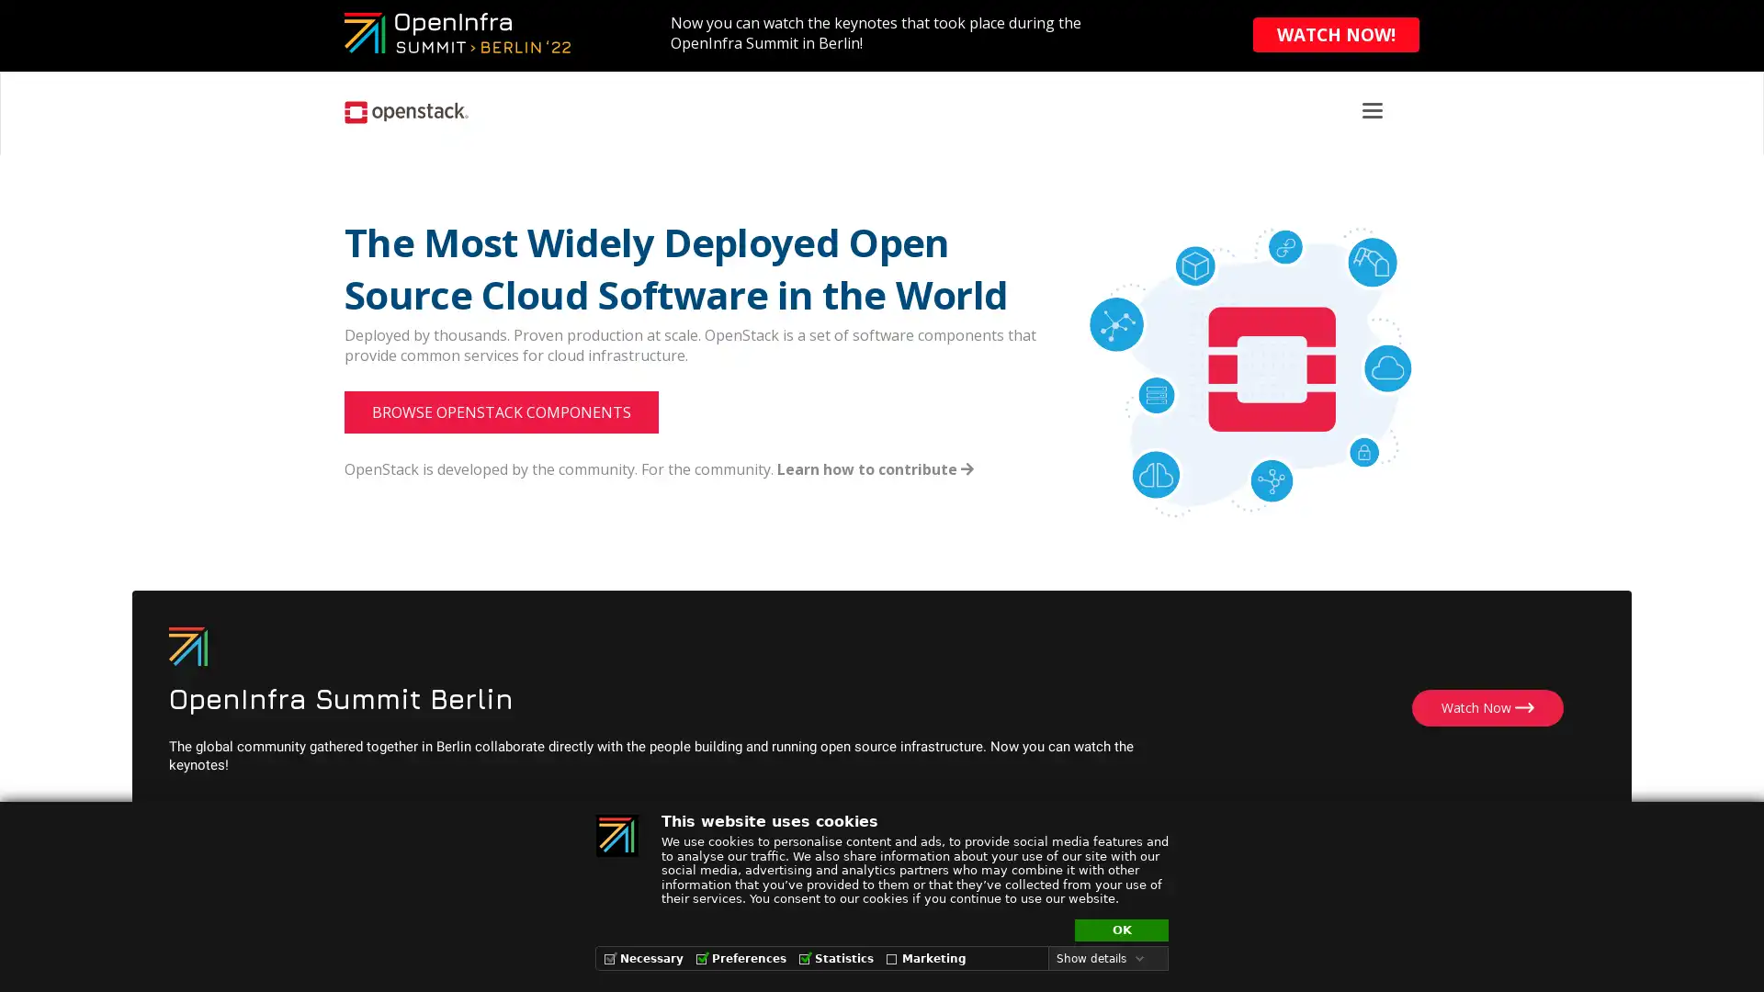 This screenshot has width=1764, height=992. Describe the element at coordinates (1372, 110) in the screenshot. I see `Toggle navigation` at that location.